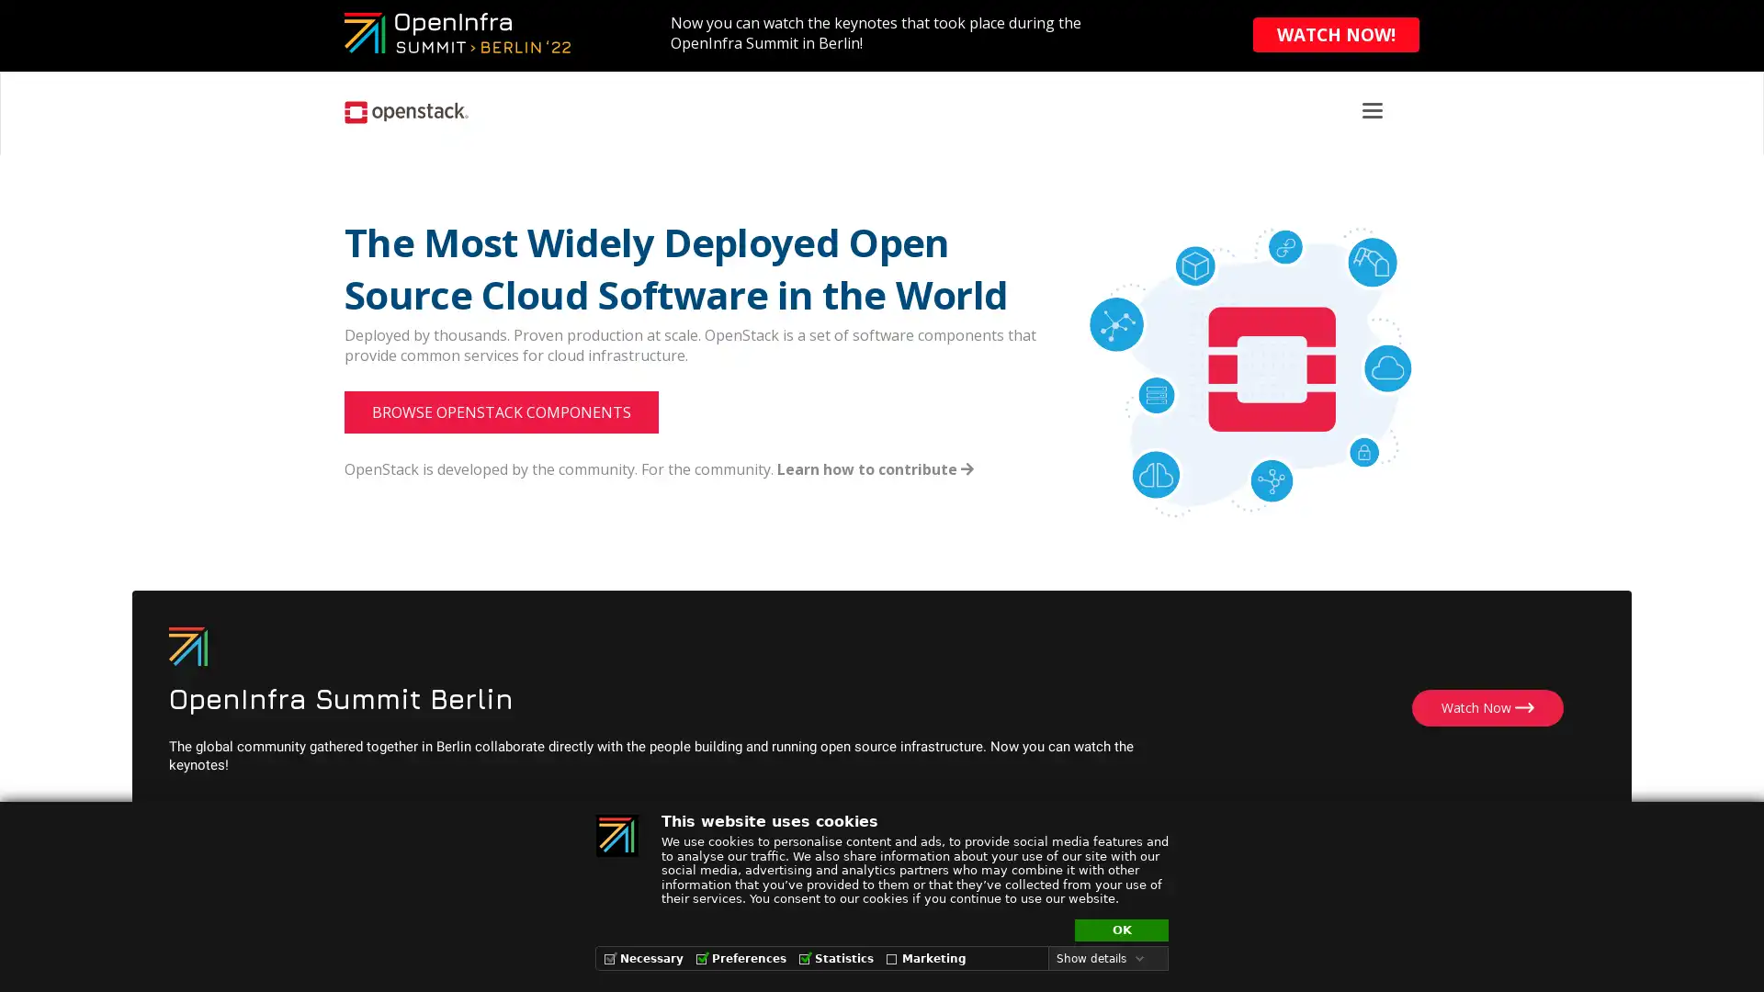 This screenshot has width=1764, height=992. Describe the element at coordinates (1372, 110) in the screenshot. I see `Toggle navigation` at that location.